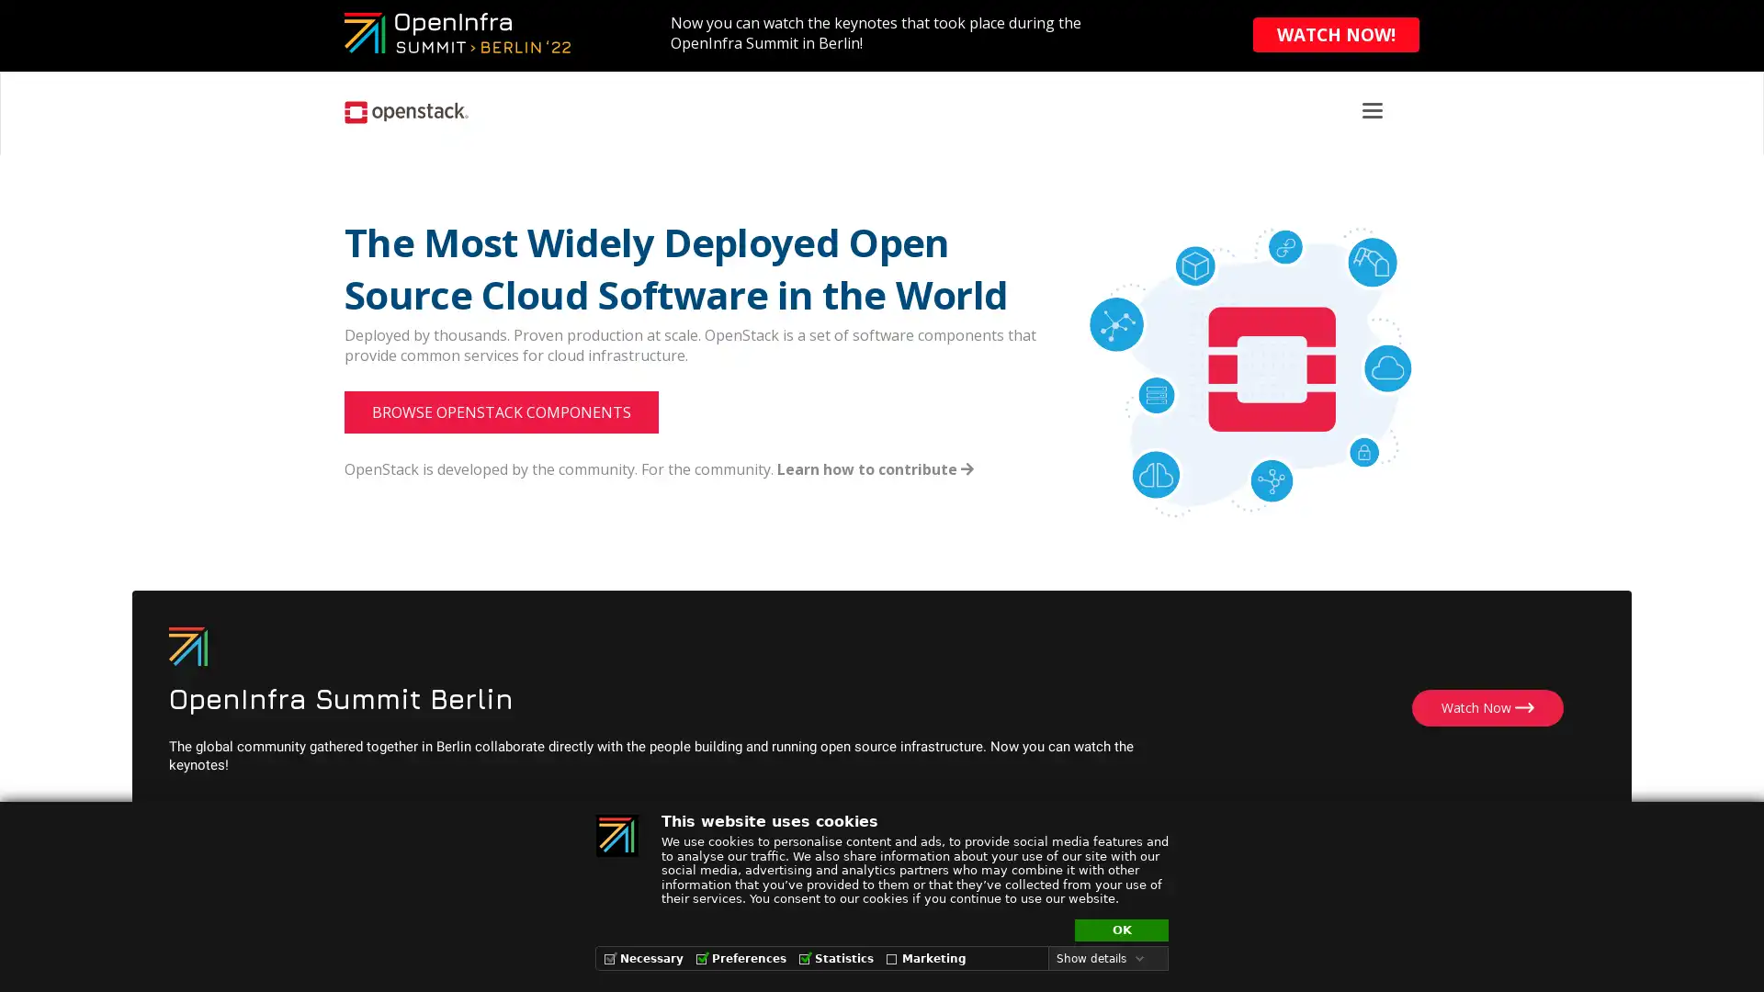 This screenshot has width=1764, height=992. Describe the element at coordinates (1372, 110) in the screenshot. I see `Toggle navigation` at that location.